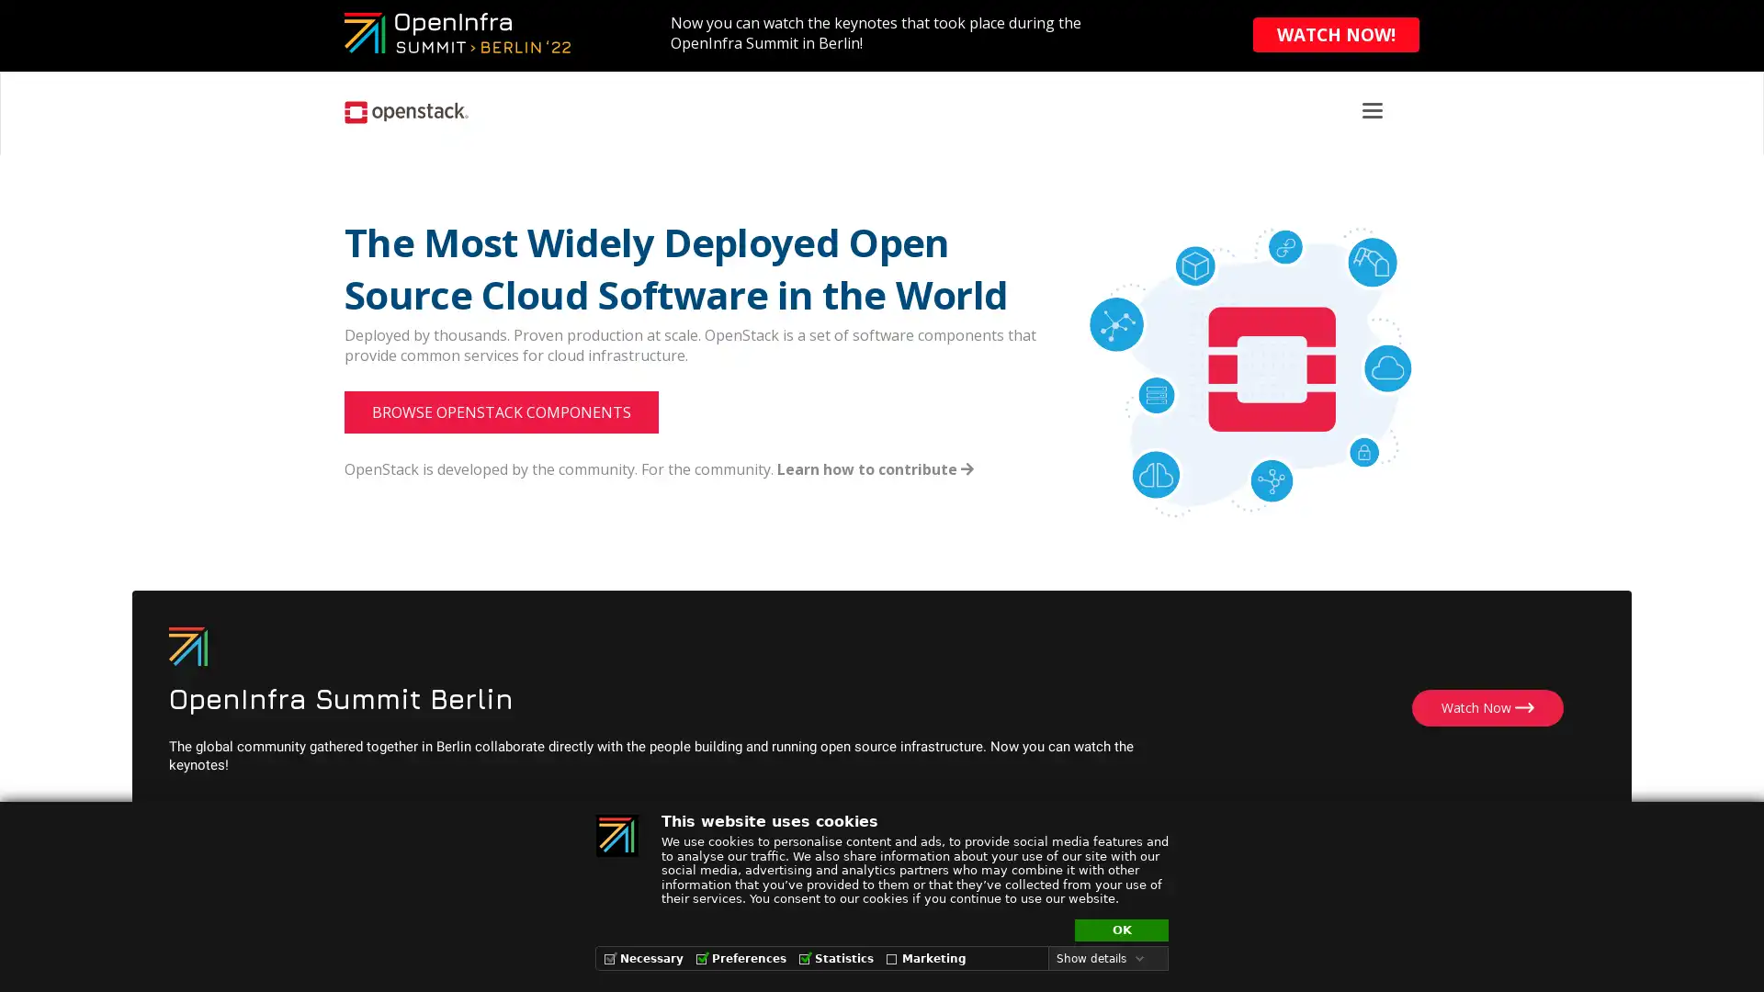 This screenshot has width=1764, height=992. Describe the element at coordinates (1372, 110) in the screenshot. I see `Toggle navigation` at that location.